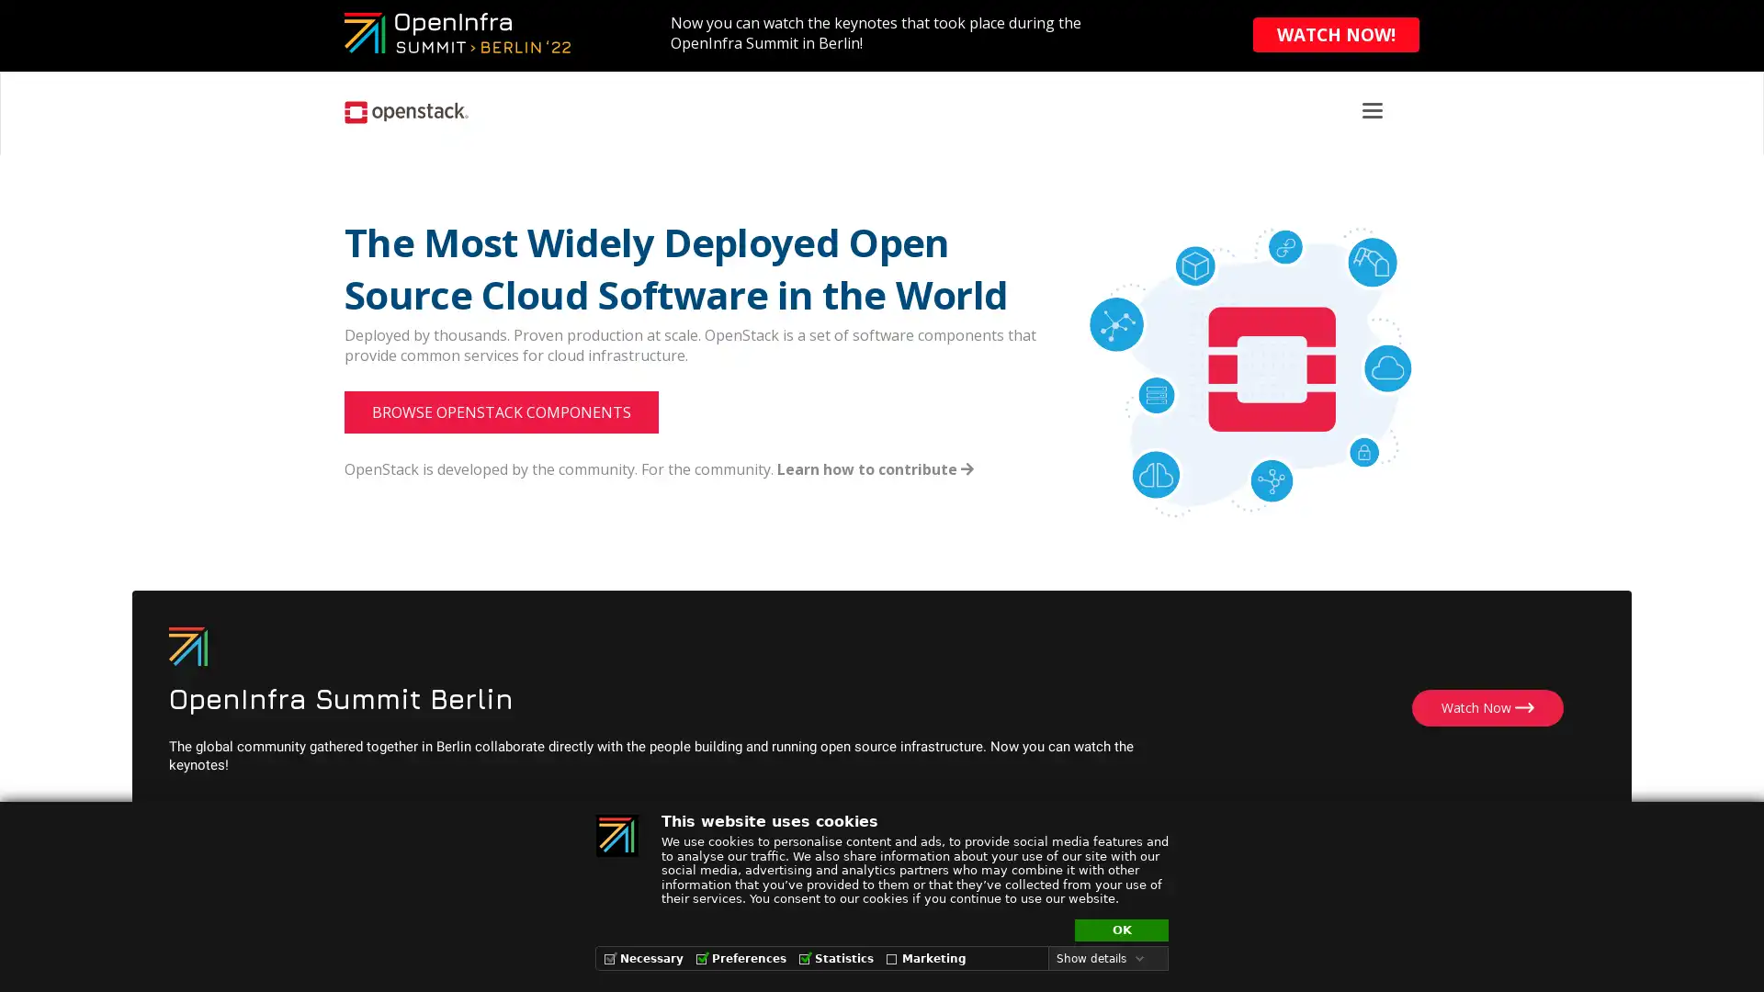 This screenshot has width=1764, height=992. Describe the element at coordinates (1372, 110) in the screenshot. I see `Toggle navigation` at that location.